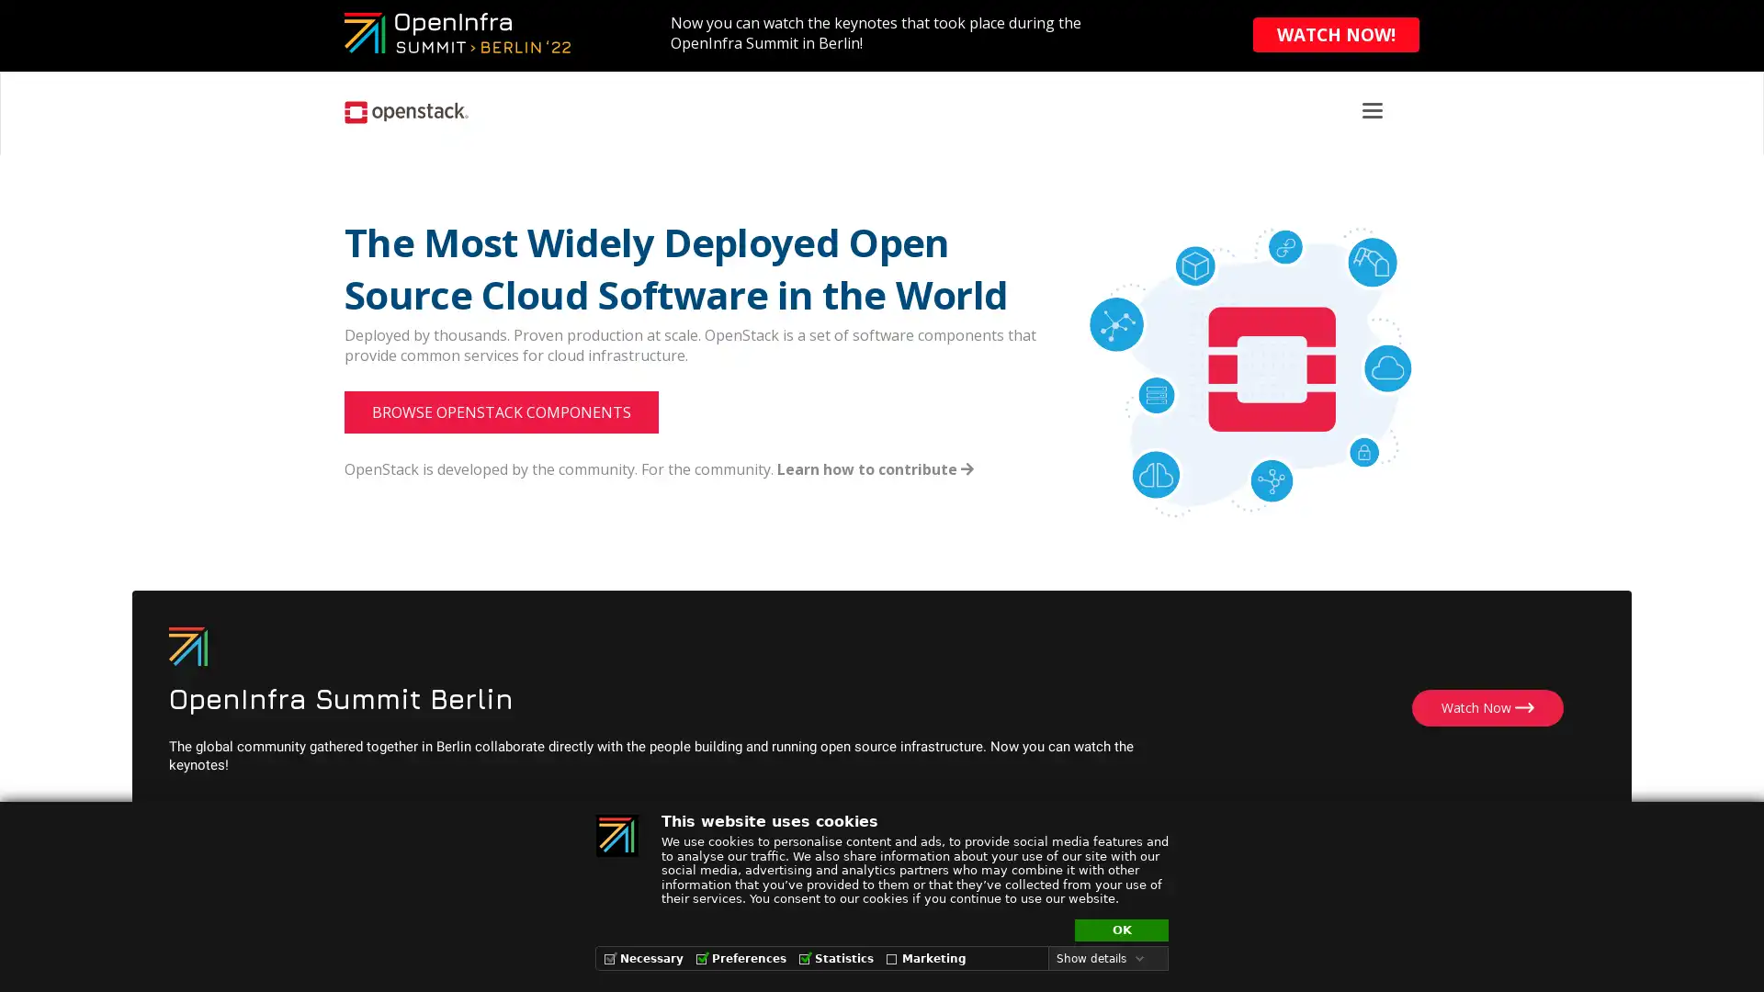 This screenshot has width=1764, height=992. Describe the element at coordinates (1372, 110) in the screenshot. I see `Toggle navigation` at that location.